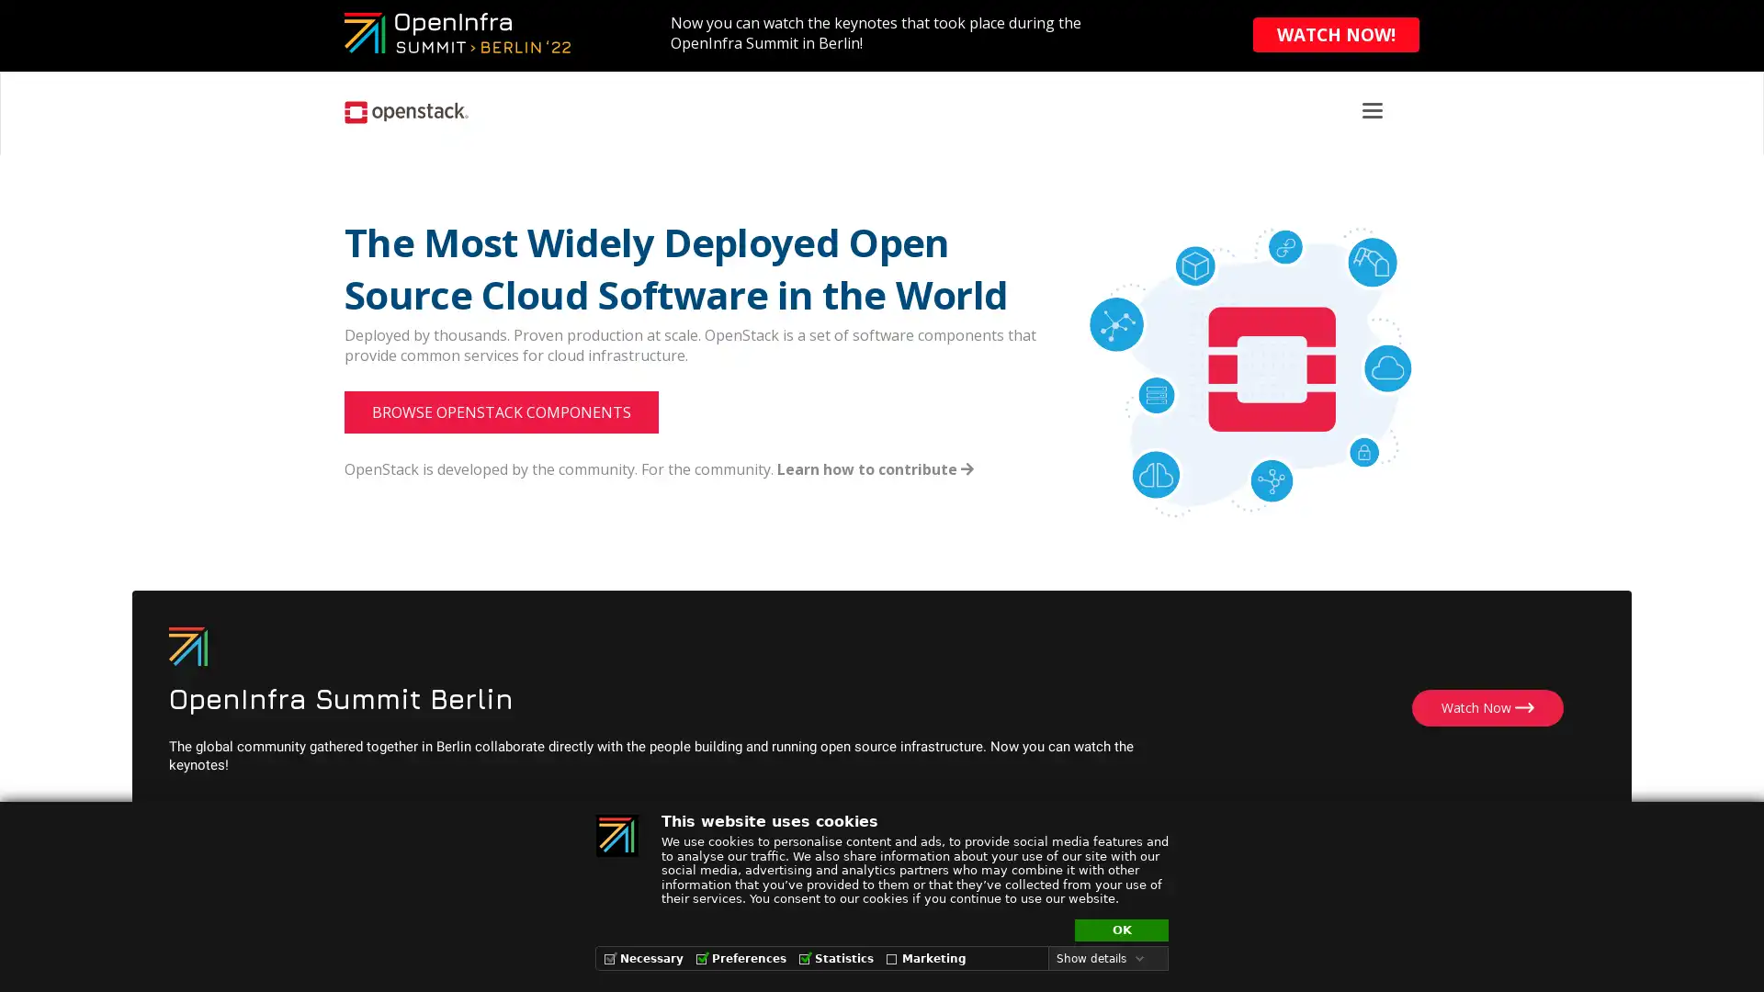 This screenshot has width=1764, height=992. Describe the element at coordinates (1372, 110) in the screenshot. I see `Toggle navigation` at that location.